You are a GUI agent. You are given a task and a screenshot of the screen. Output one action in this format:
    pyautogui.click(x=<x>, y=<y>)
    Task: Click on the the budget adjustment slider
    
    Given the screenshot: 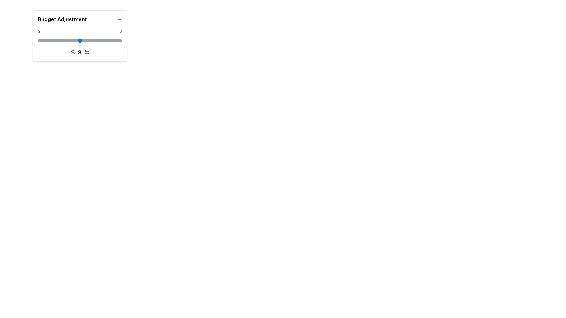 What is the action you would take?
    pyautogui.click(x=43, y=40)
    